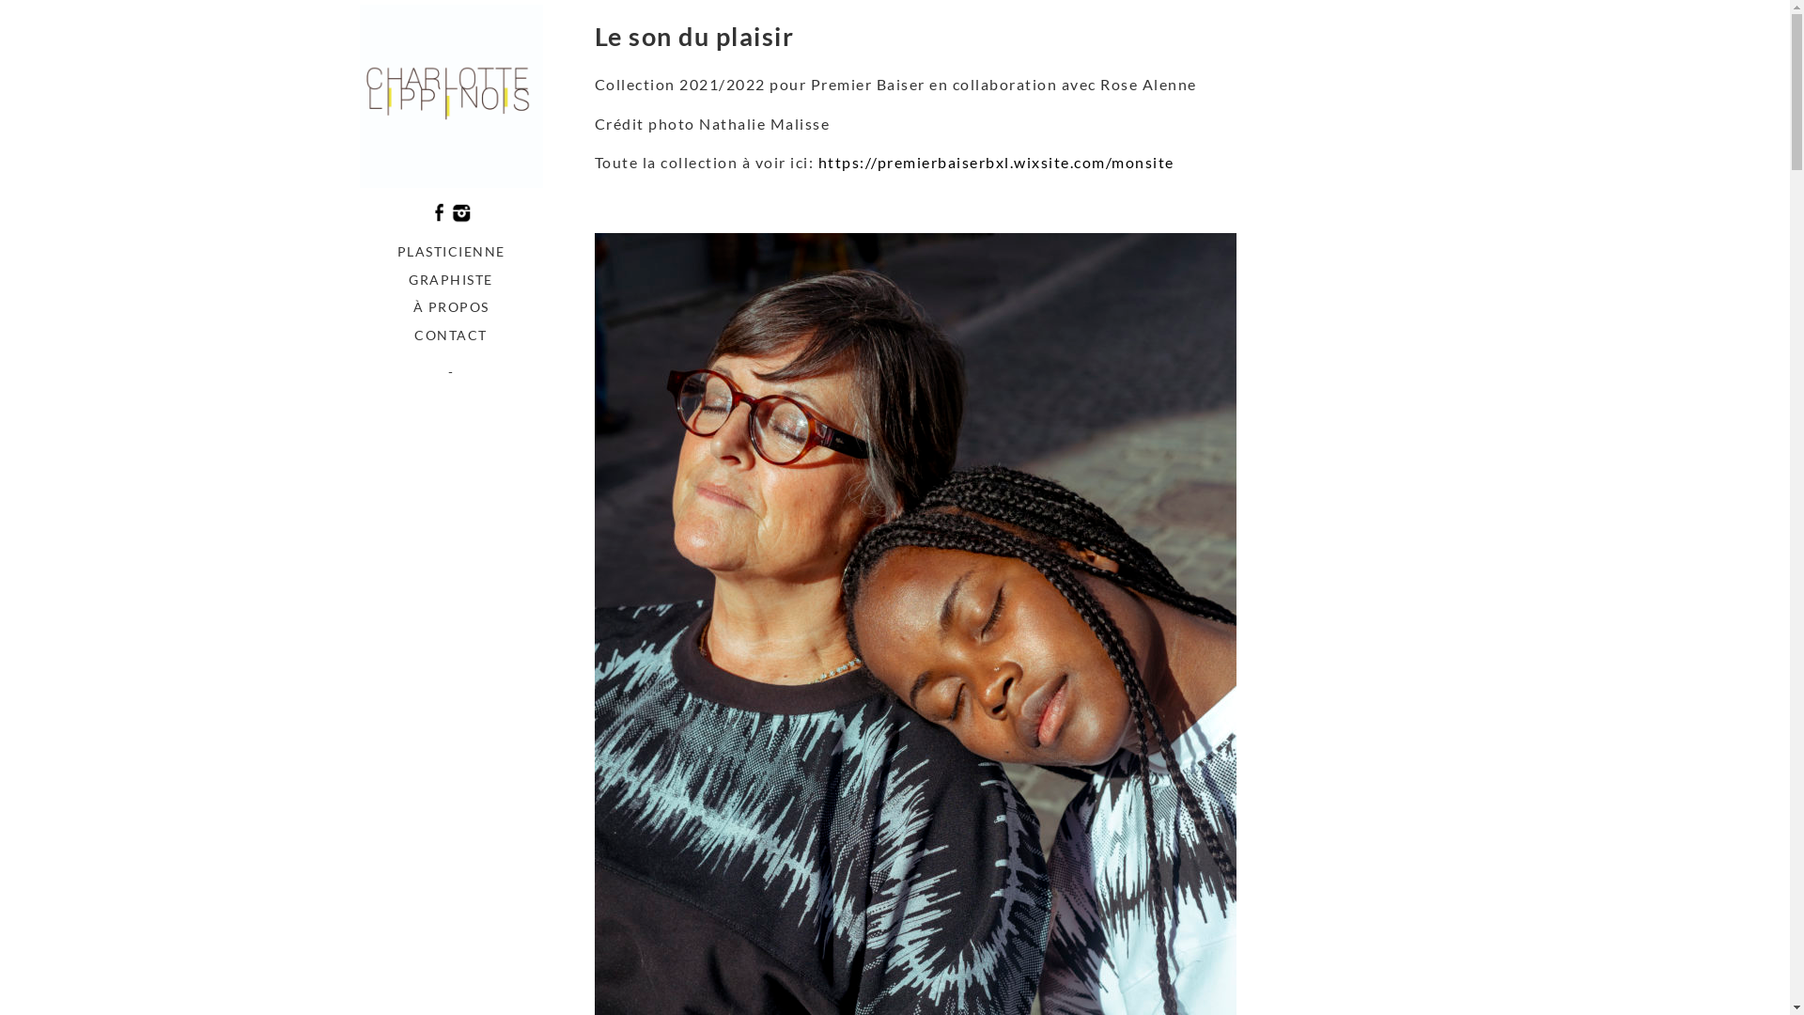 Image resolution: width=1804 pixels, height=1015 pixels. What do you see at coordinates (994, 161) in the screenshot?
I see `'https://premierbaiserbxl.wixsite.com/monsite'` at bounding box center [994, 161].